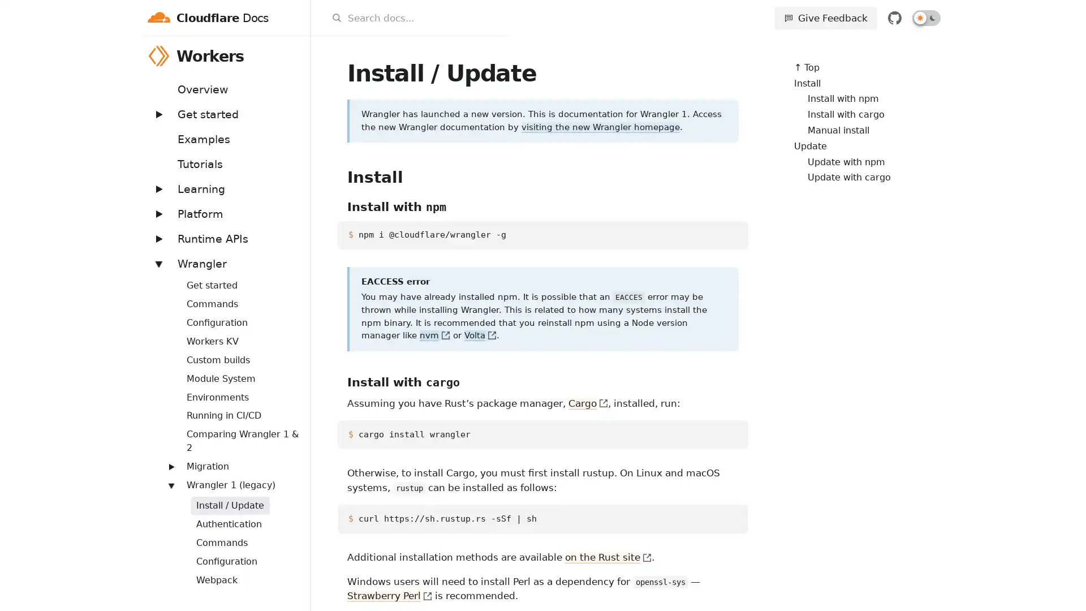 This screenshot has width=1086, height=611. What do you see at coordinates (165, 521) in the screenshot?
I see `Expand: Streams` at bounding box center [165, 521].